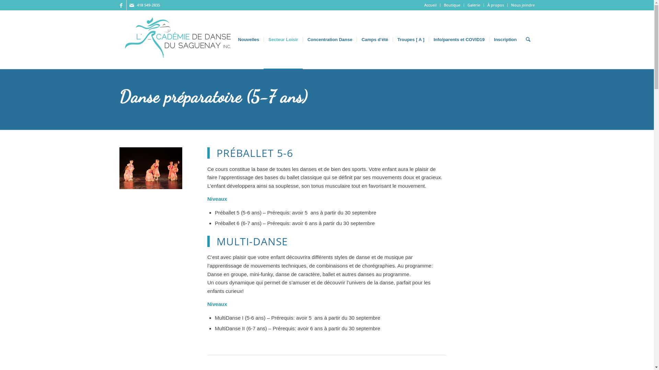  I want to click on 'Info/parents et COVID19', so click(459, 39).